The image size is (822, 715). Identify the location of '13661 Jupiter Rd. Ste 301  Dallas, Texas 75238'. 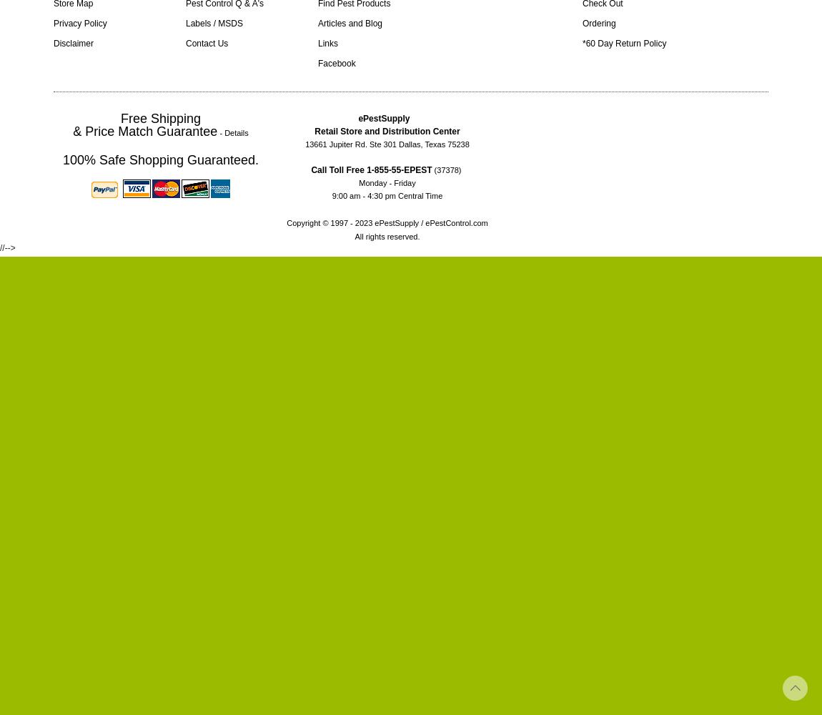
(304, 144).